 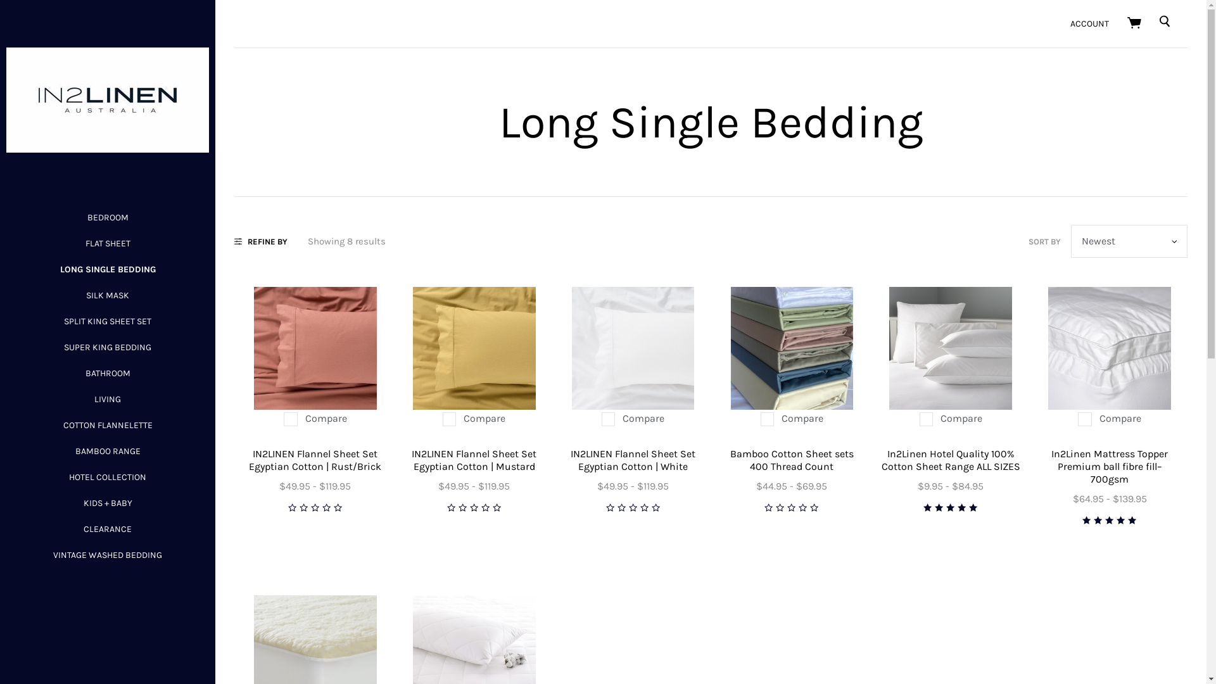 What do you see at coordinates (107, 554) in the screenshot?
I see `'VINTAGE WASHED BEDDING'` at bounding box center [107, 554].